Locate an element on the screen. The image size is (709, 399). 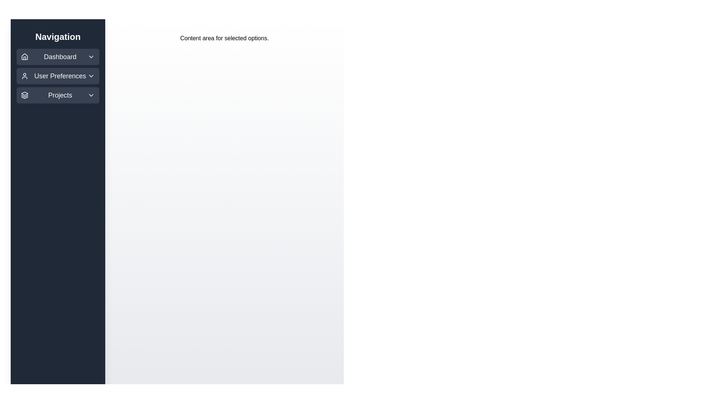
the 'Projects' expandable menu item, which is the third item in the vertical navigation menu on the left side, featuring a downwards chevron and a dark-themed background is located at coordinates (58, 95).